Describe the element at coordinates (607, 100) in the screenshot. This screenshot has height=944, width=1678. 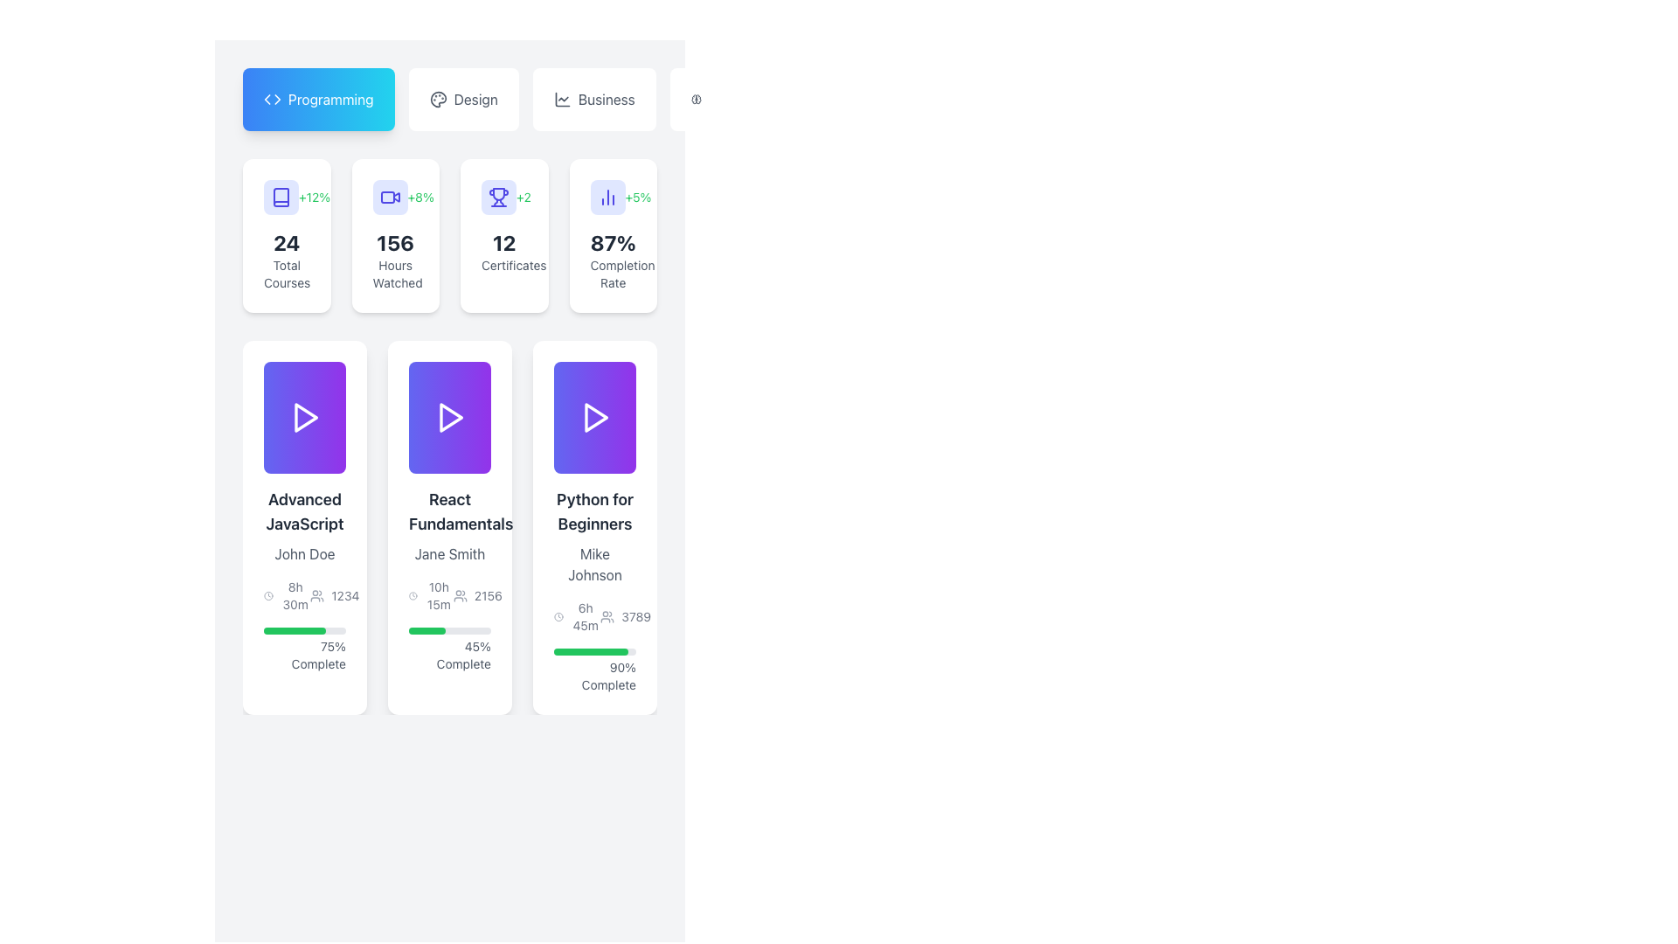
I see `the text label within the navigation button located in the header navigation bar, positioned to the right of the 'Programming' and 'Design' buttons` at that location.